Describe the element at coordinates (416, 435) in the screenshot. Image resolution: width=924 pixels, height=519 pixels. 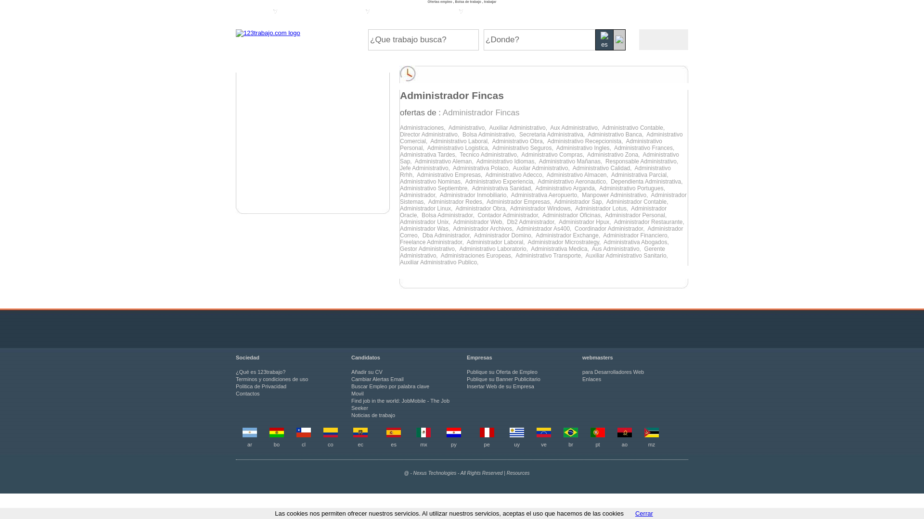
I see `'ofertas trabajo mexico'` at that location.